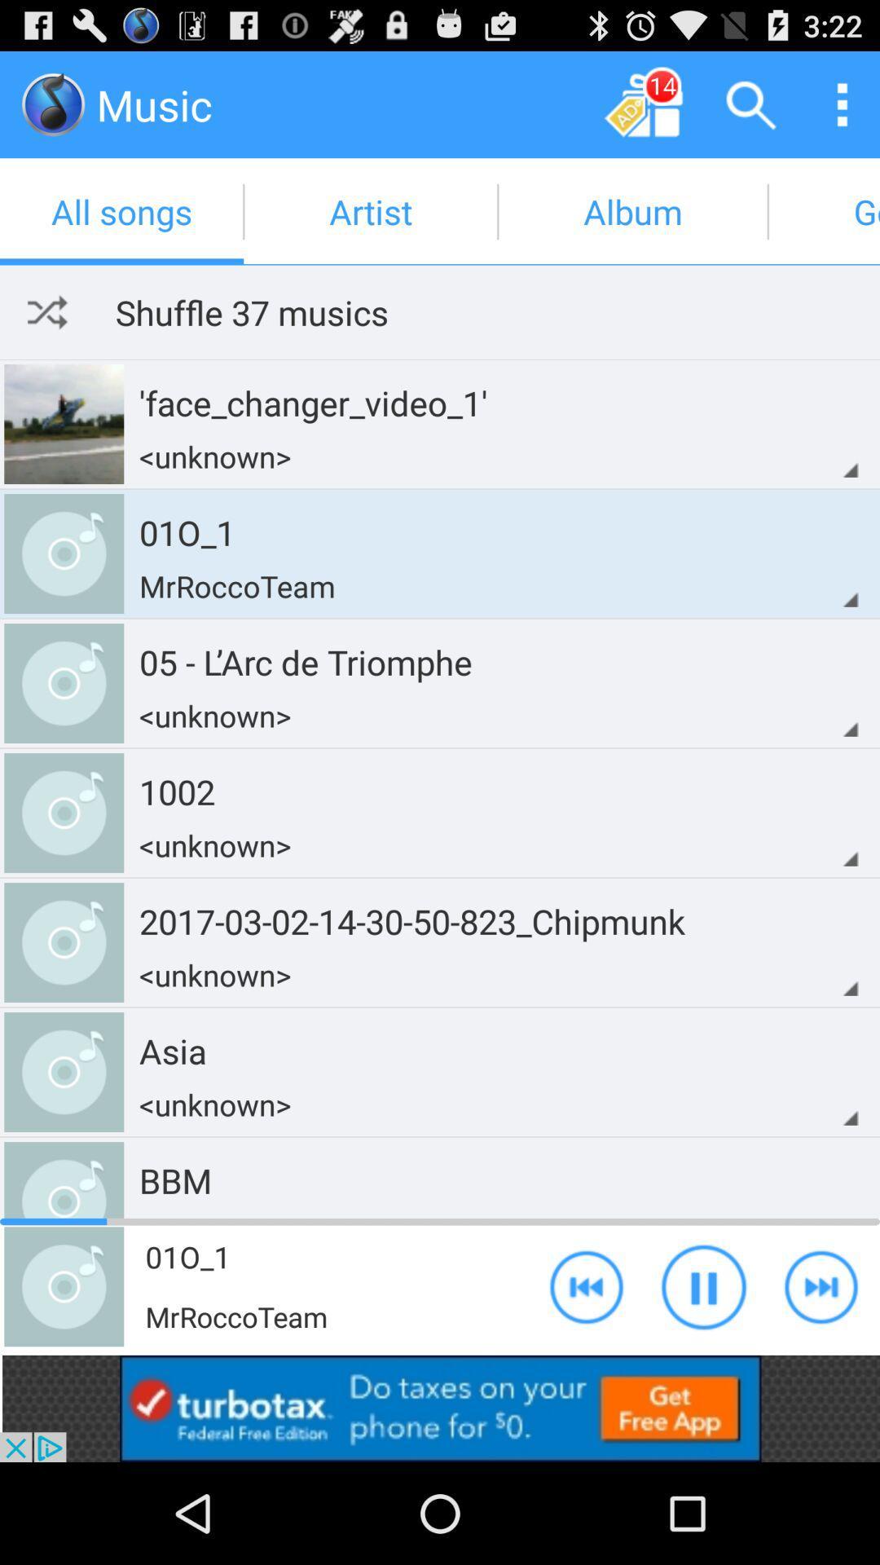 This screenshot has height=1565, width=880. I want to click on the more icon, so click(842, 111).